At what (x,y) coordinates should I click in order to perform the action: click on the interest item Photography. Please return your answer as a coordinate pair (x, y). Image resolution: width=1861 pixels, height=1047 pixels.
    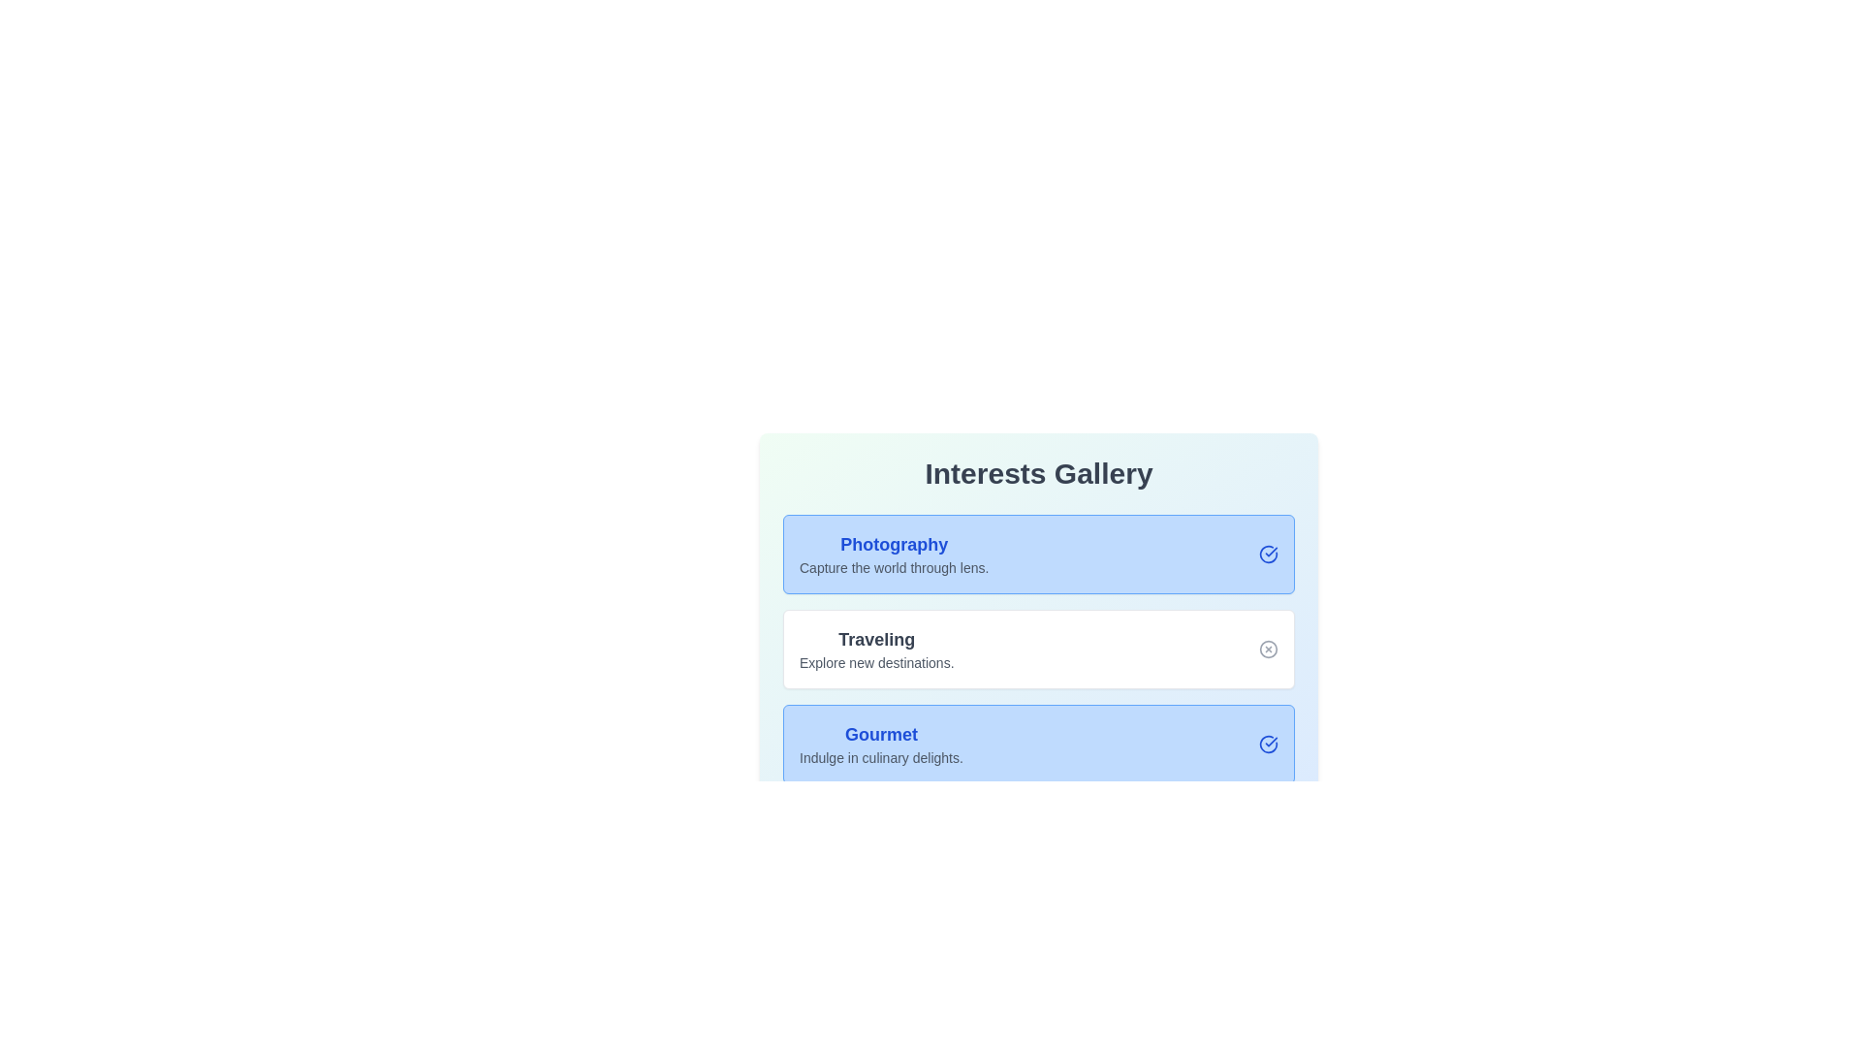
    Looking at the image, I should click on (1269, 554).